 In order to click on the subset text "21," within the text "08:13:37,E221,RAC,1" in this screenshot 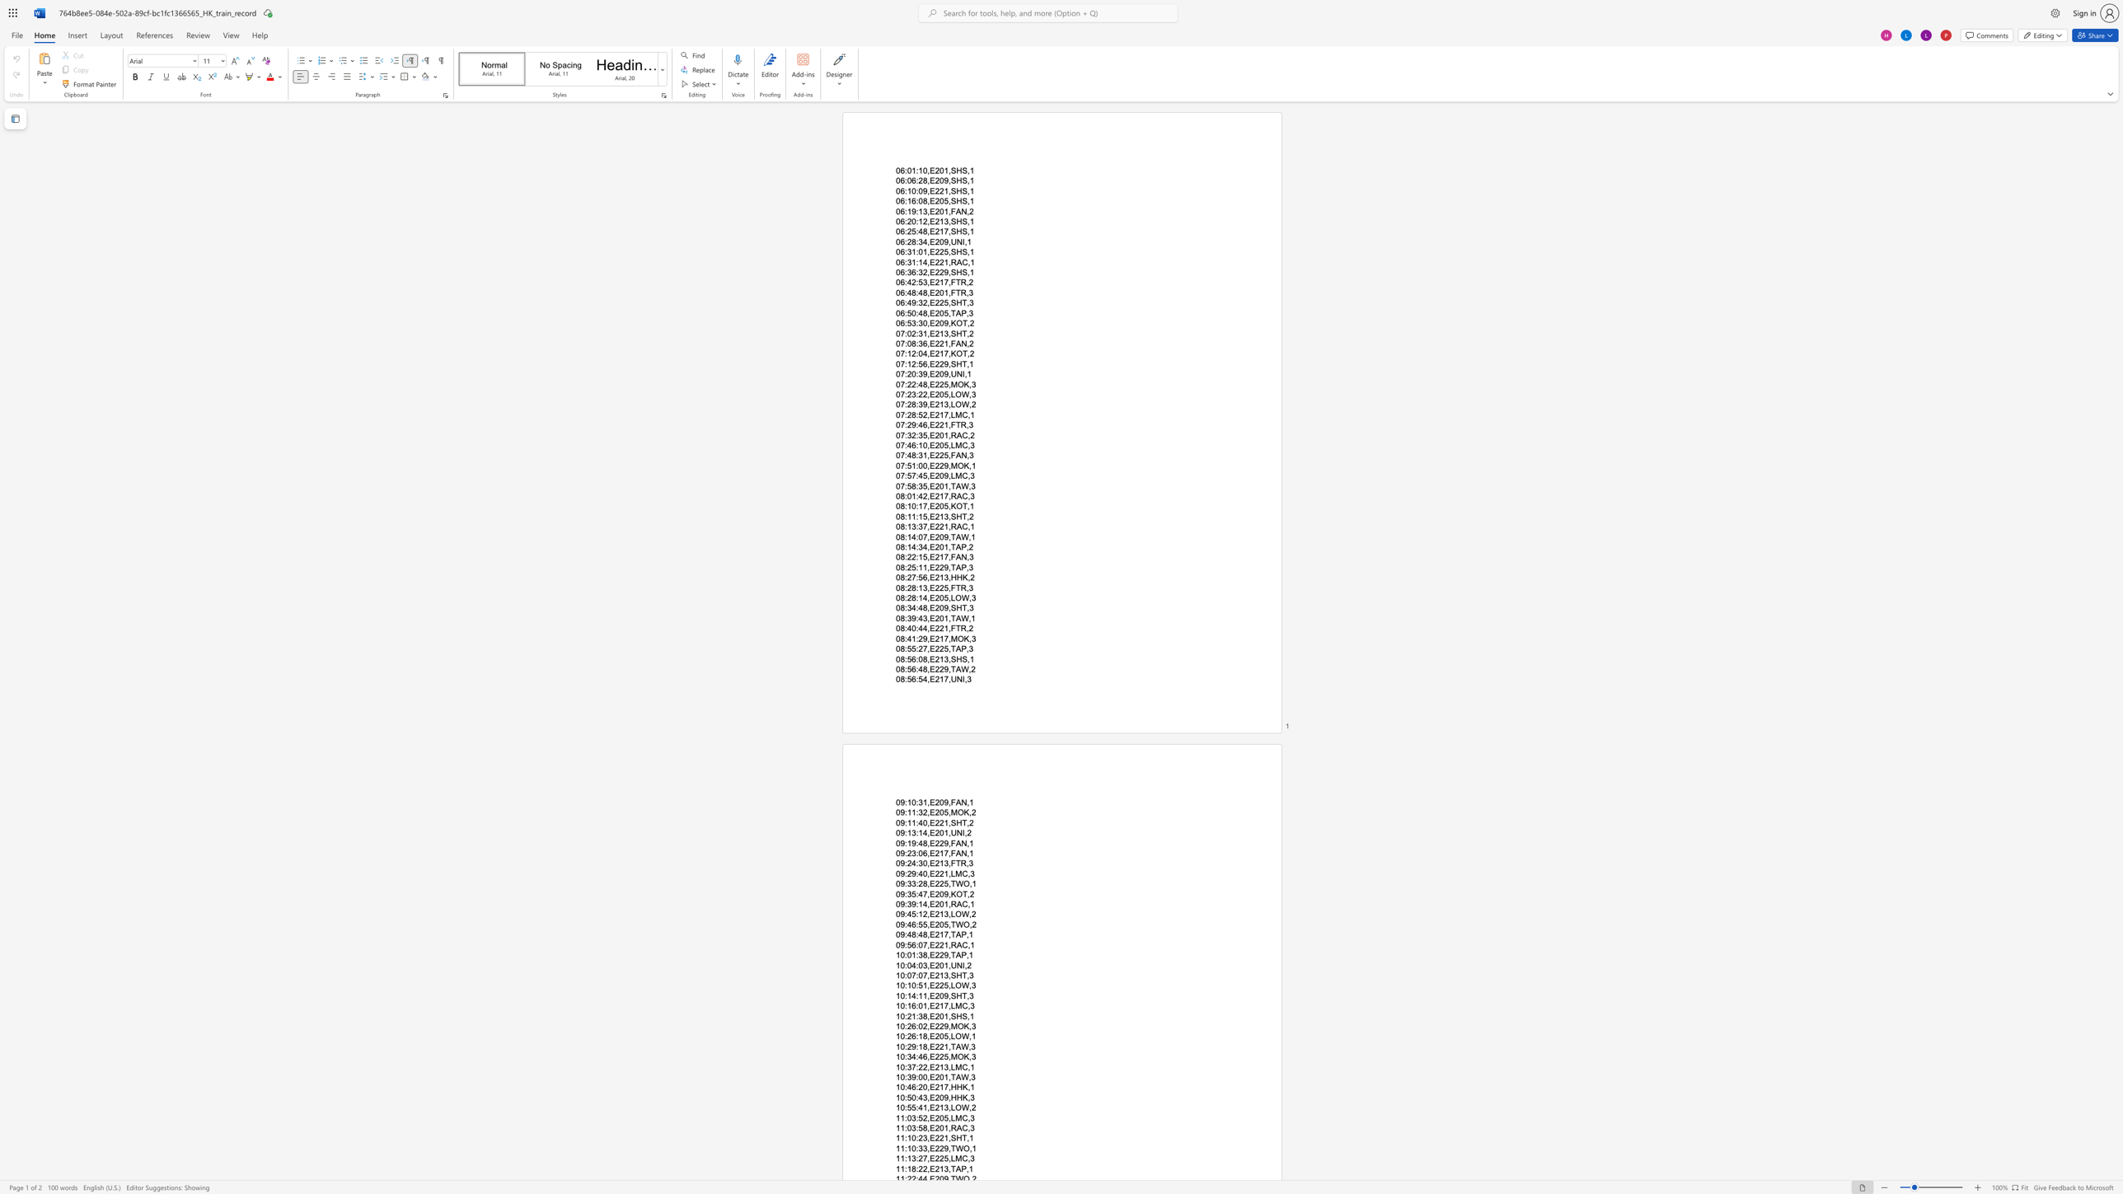, I will do `click(938, 527)`.